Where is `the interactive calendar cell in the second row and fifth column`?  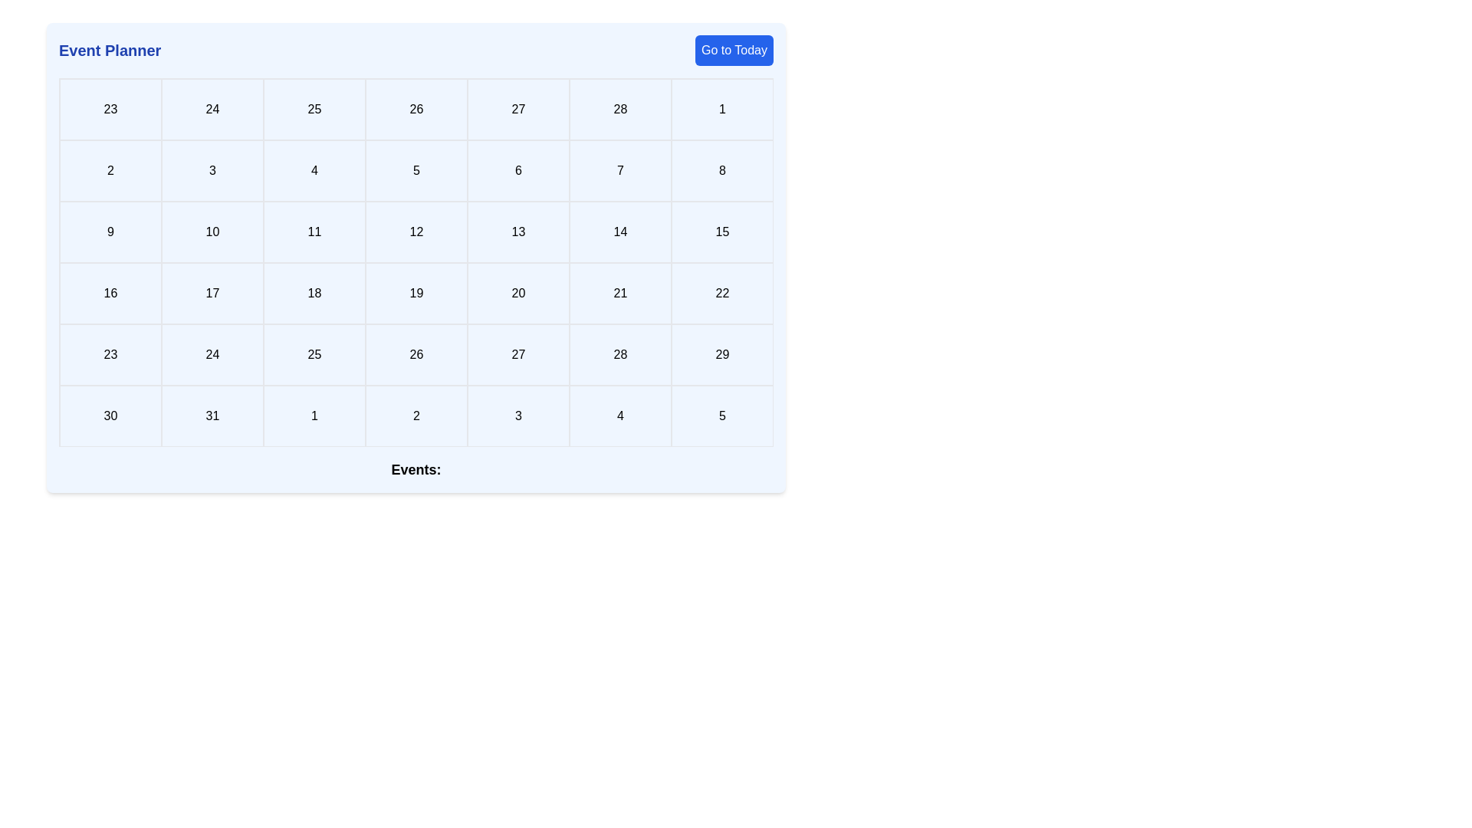
the interactive calendar cell in the second row and fifth column is located at coordinates (416, 171).